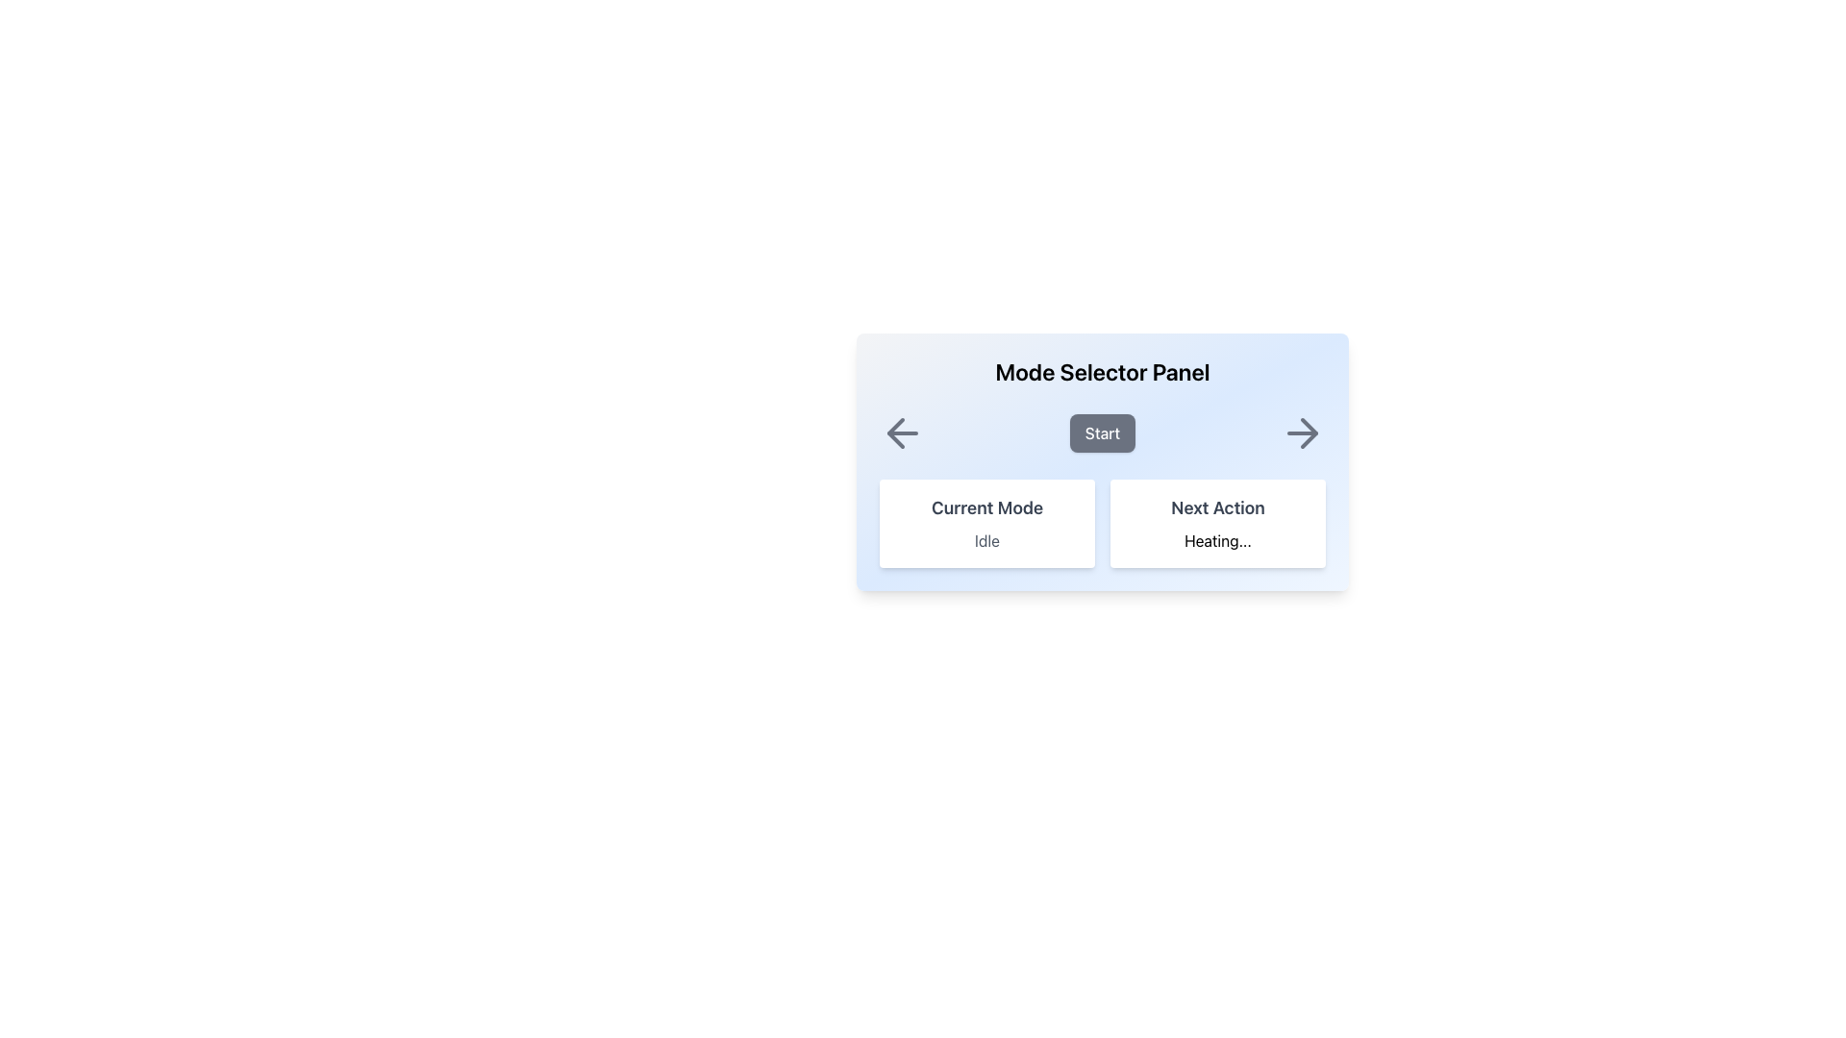  Describe the element at coordinates (1302, 433) in the screenshot. I see `the navigation control icon located at the far right of the Mode Selector Panel, positioned to the right of the 'Start' button` at that location.